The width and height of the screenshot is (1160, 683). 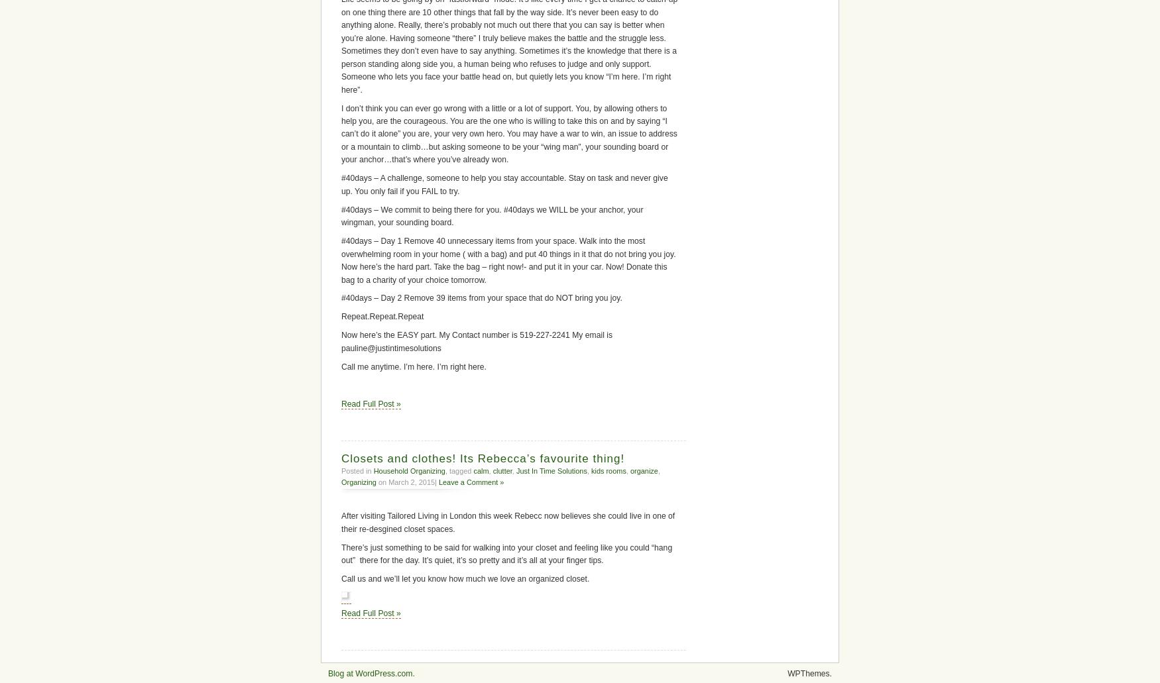 What do you see at coordinates (341, 366) in the screenshot?
I see `'Call me anytime. I’m here. I’m right here.'` at bounding box center [341, 366].